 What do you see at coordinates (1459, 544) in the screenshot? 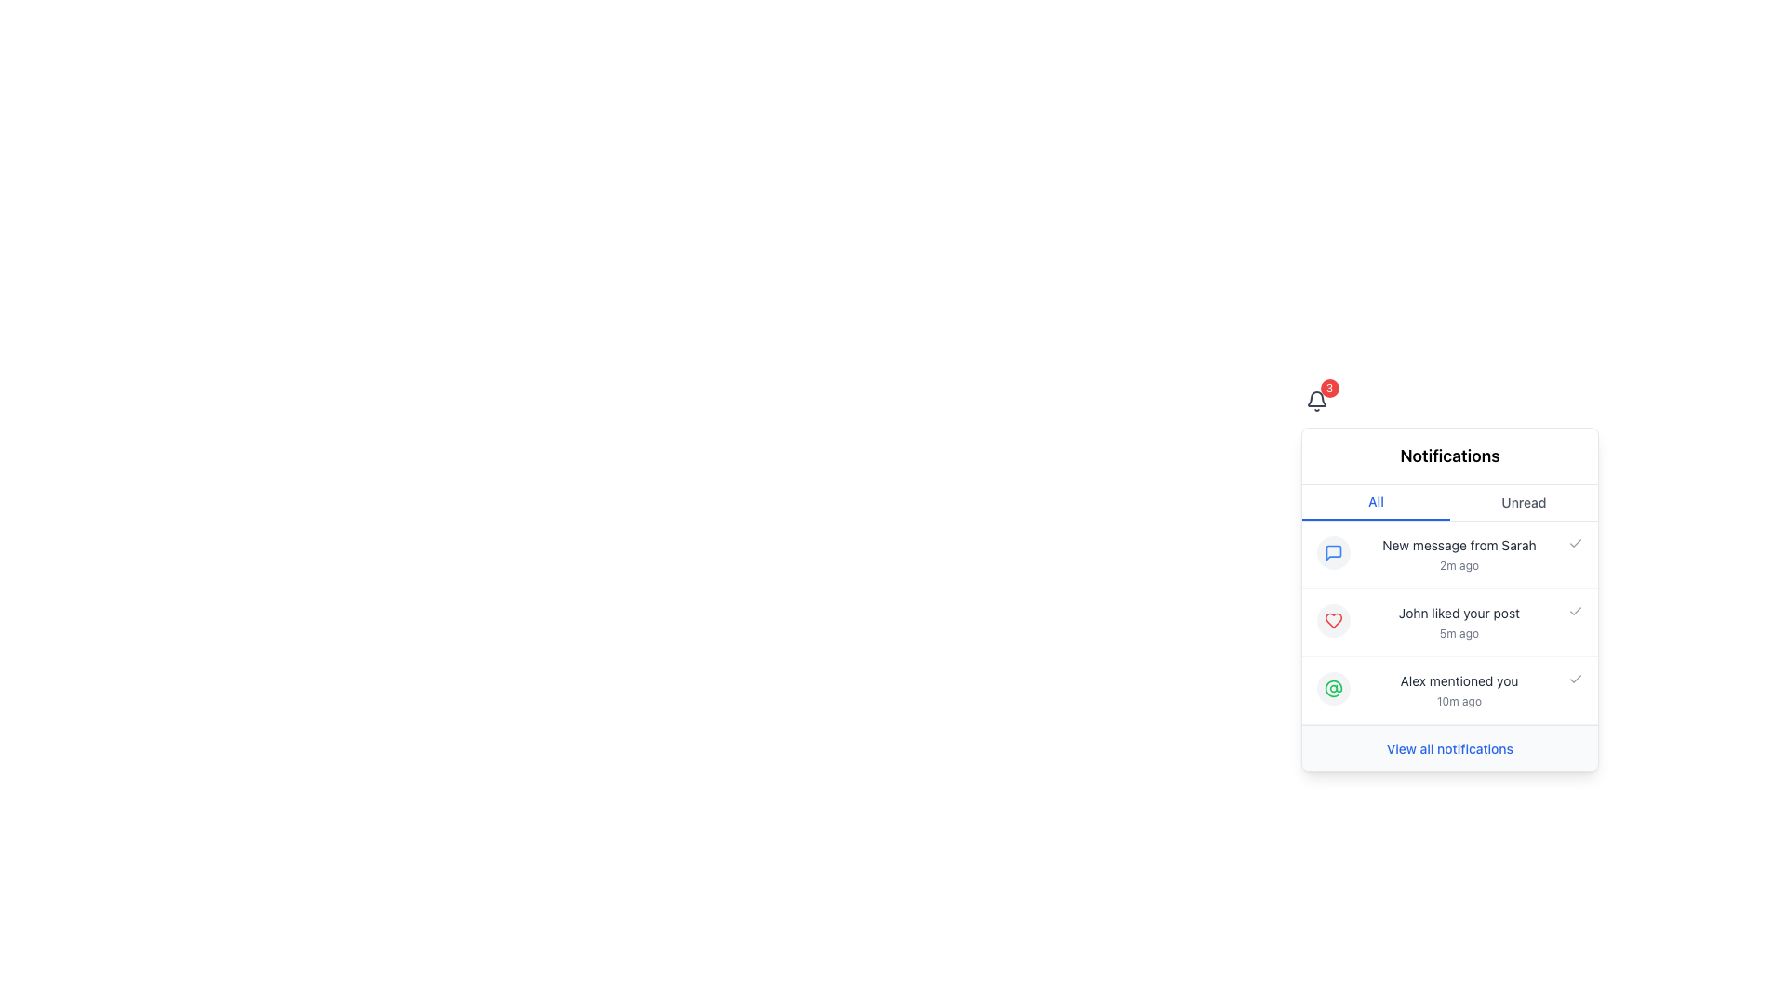
I see `the text label displaying 'New message from Sarah' in the Notifications dropdown panel` at bounding box center [1459, 544].